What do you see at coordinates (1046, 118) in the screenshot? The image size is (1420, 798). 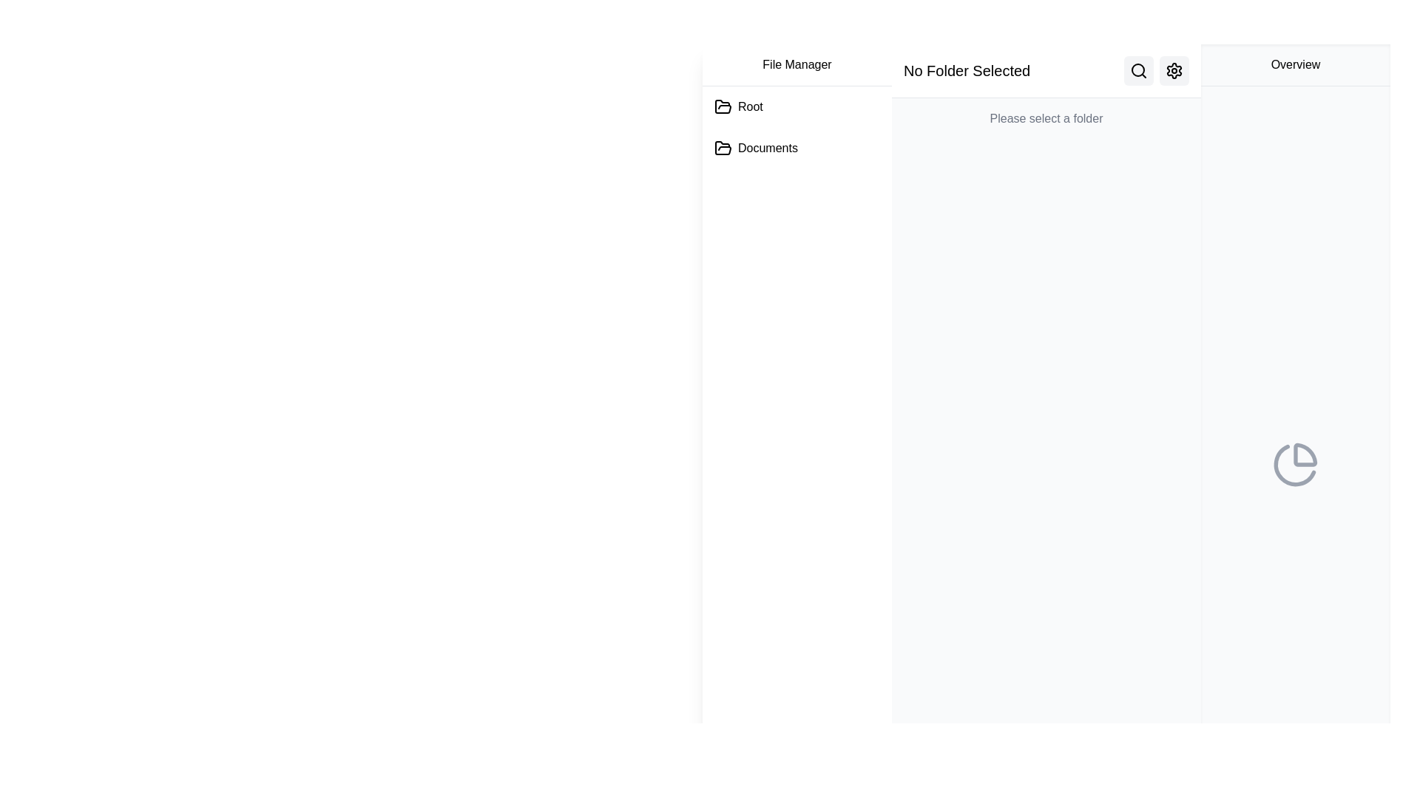 I see `the static text element that reads 'Please select a folder', which is styled in gray and located under the 'No Folder Selected' header` at bounding box center [1046, 118].